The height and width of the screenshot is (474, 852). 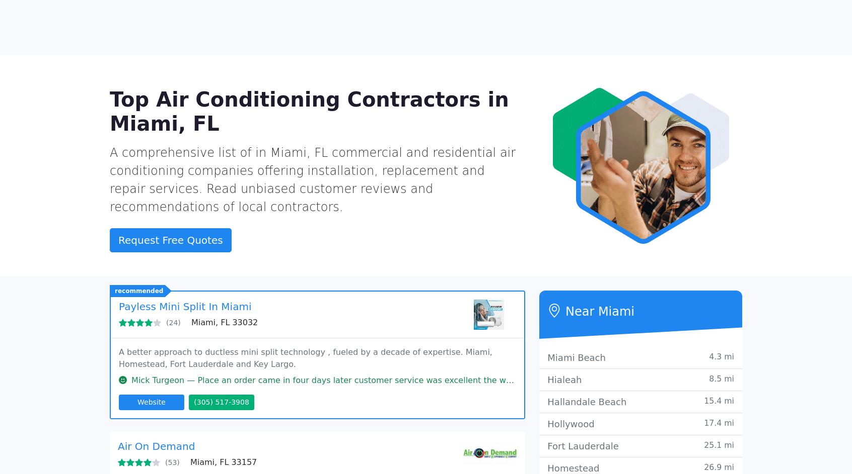 I want to click on 'Search', so click(x=594, y=41).